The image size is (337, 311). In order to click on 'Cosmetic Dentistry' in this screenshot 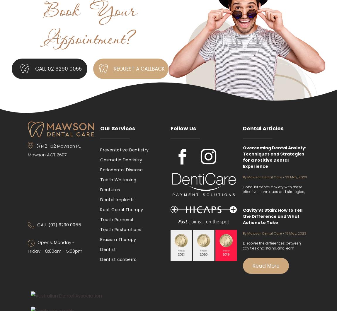, I will do `click(121, 160)`.